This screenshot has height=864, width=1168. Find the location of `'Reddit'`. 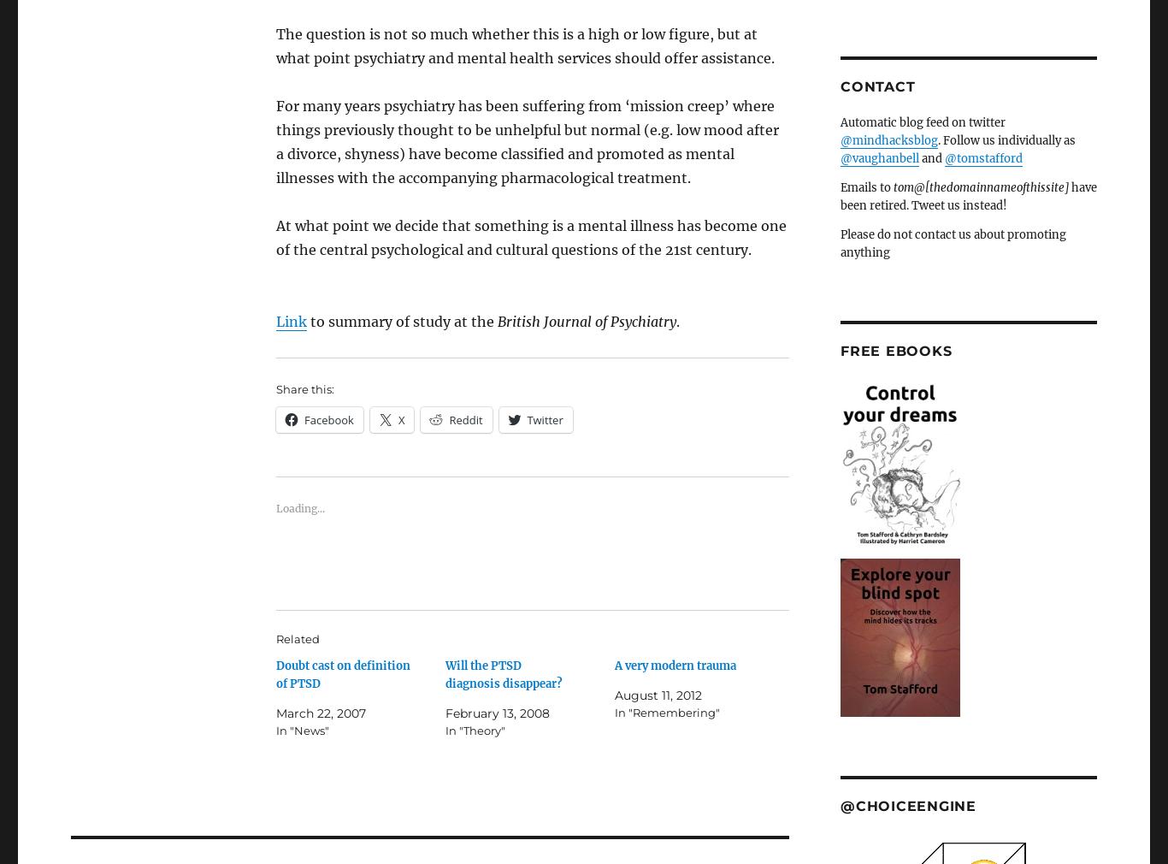

'Reddit' is located at coordinates (465, 419).